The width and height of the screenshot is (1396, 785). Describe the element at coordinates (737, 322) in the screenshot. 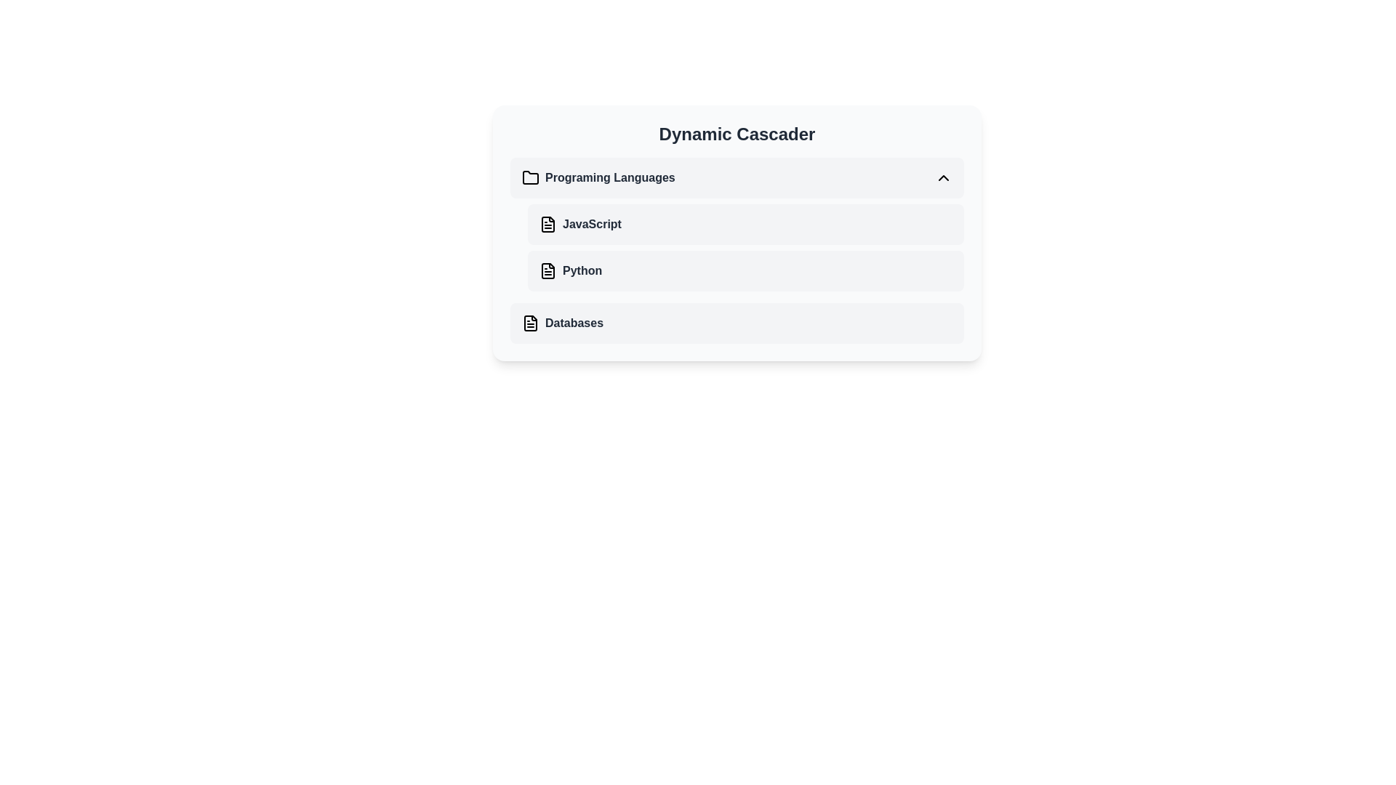

I see `the 'Databases' menu item, which is the third item in the vertical list under the 'Programming Languages' section, positioned below 'Python'` at that location.